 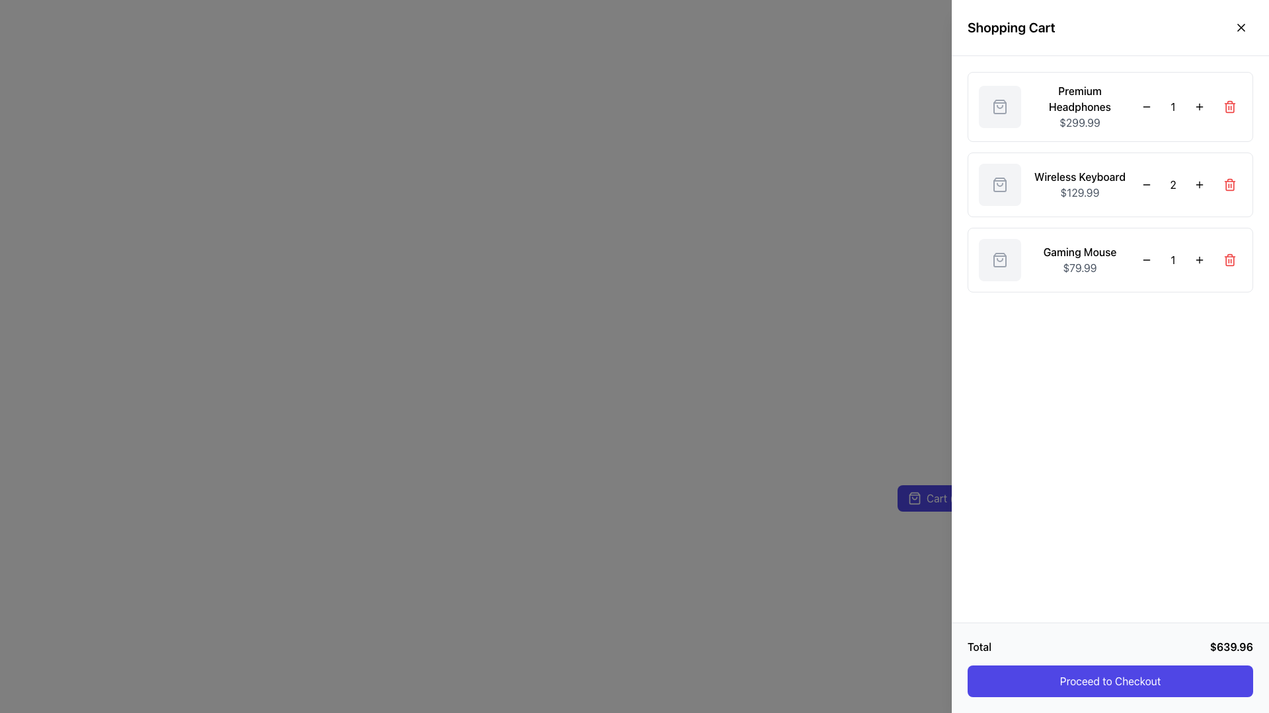 I want to click on the delete button located to the right of the 'Premium Headphones' entry in the shopping cart, so click(x=1229, y=106).